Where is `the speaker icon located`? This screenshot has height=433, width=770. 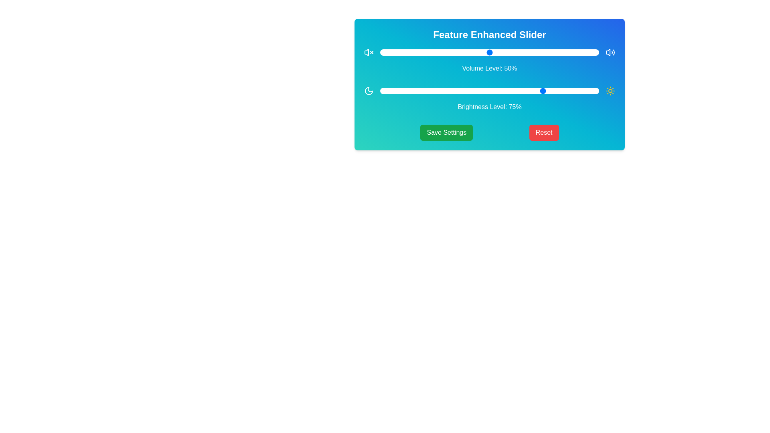
the speaker icon located is located at coordinates (610, 53).